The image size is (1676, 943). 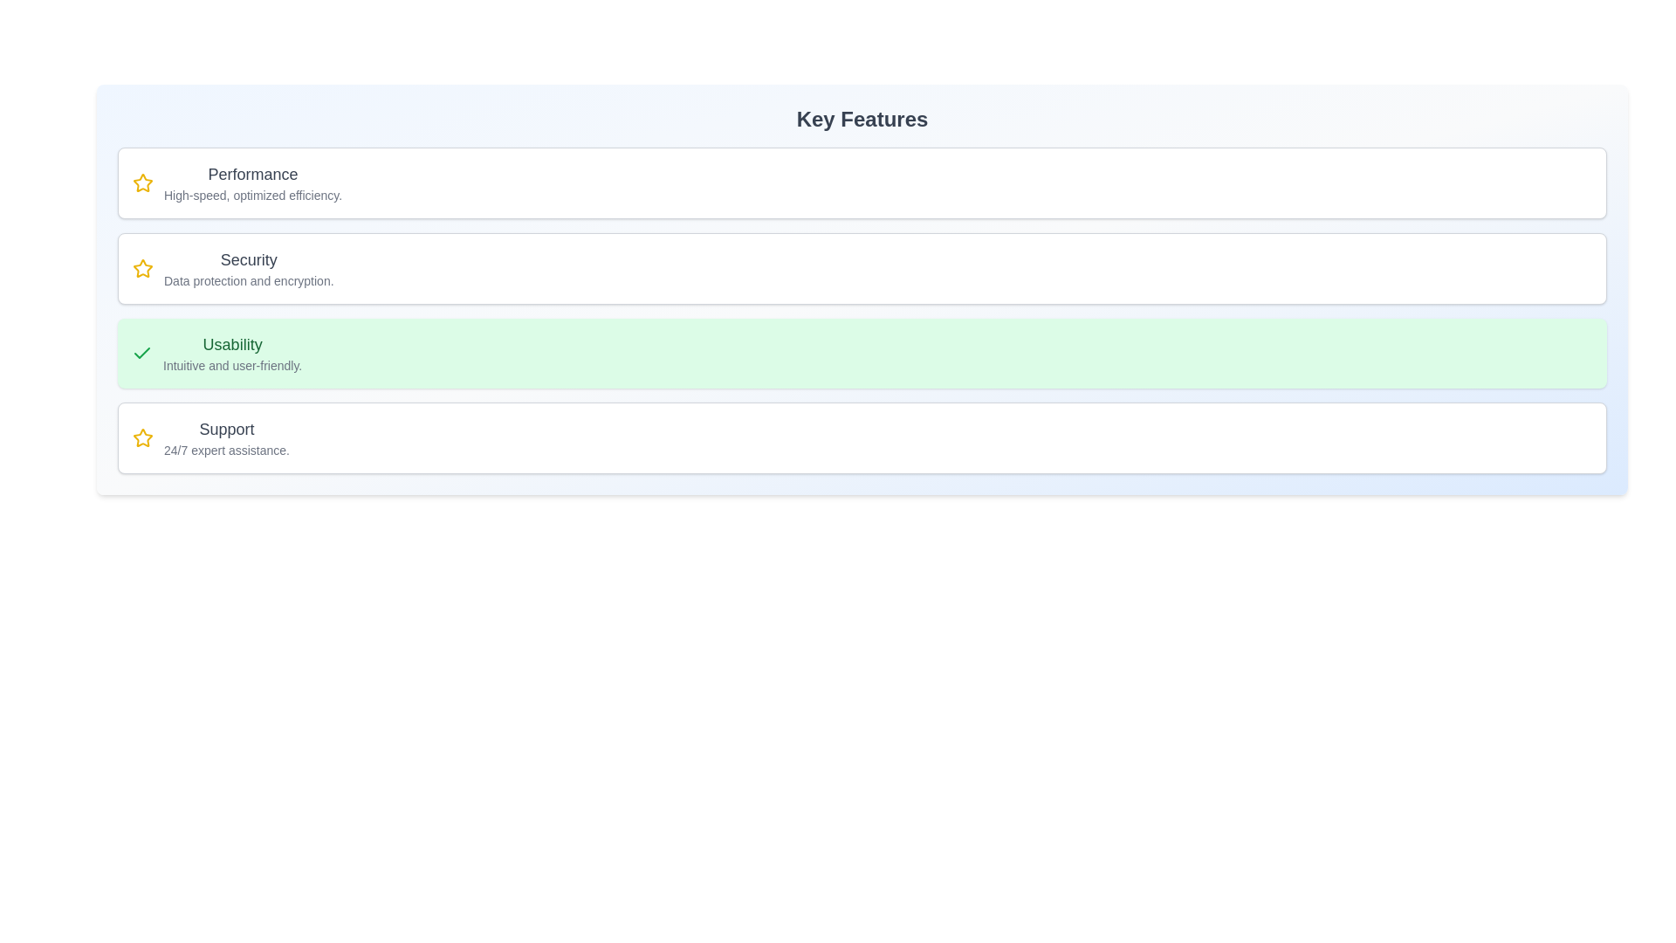 I want to click on the feature card corresponding to Support to toggle its selection, so click(x=862, y=437).